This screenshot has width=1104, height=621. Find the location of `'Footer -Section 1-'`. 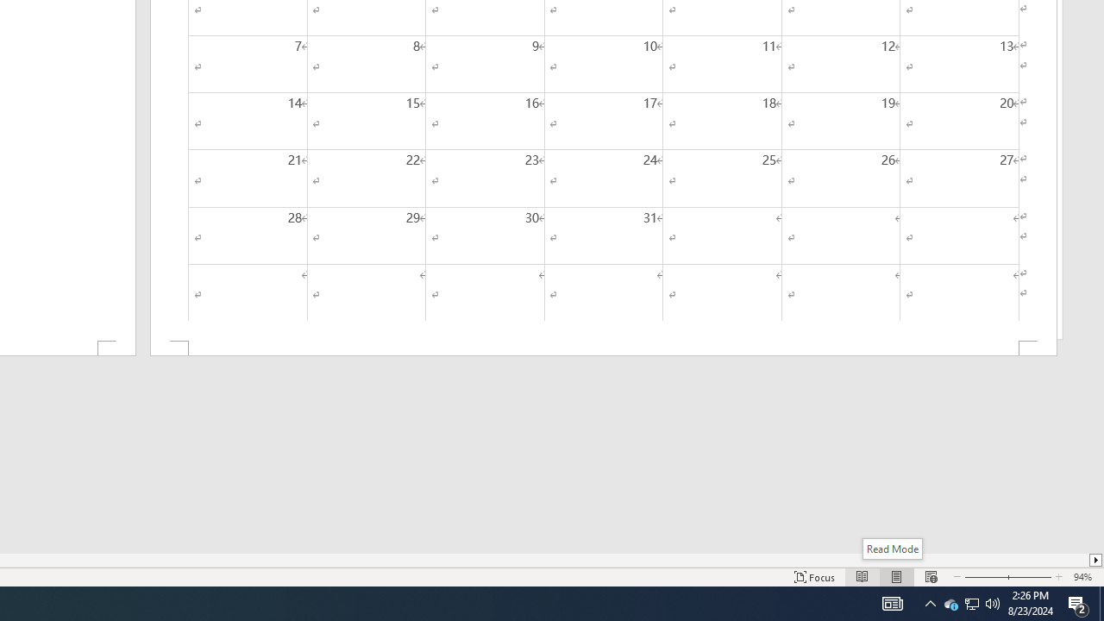

'Footer -Section 1-' is located at coordinates (604, 348).